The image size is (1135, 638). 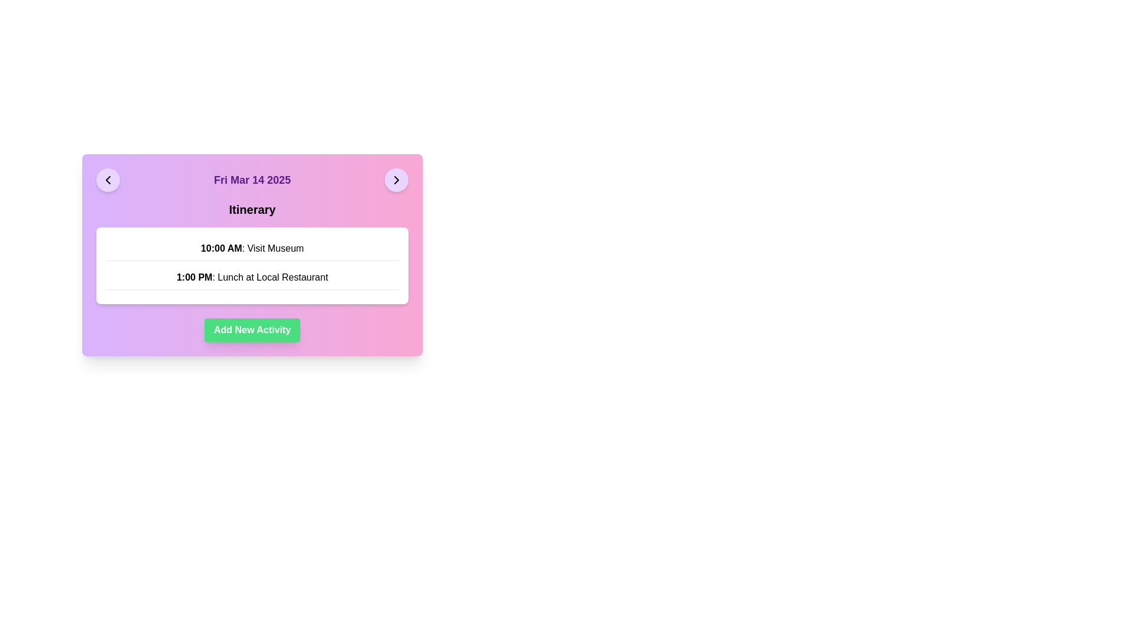 I want to click on the text display element that shows '10:00 AM: Visit Museum', which is styled with bold formatting for the time and is the first entry in a vertically stacked list within a card structure, so click(x=252, y=248).